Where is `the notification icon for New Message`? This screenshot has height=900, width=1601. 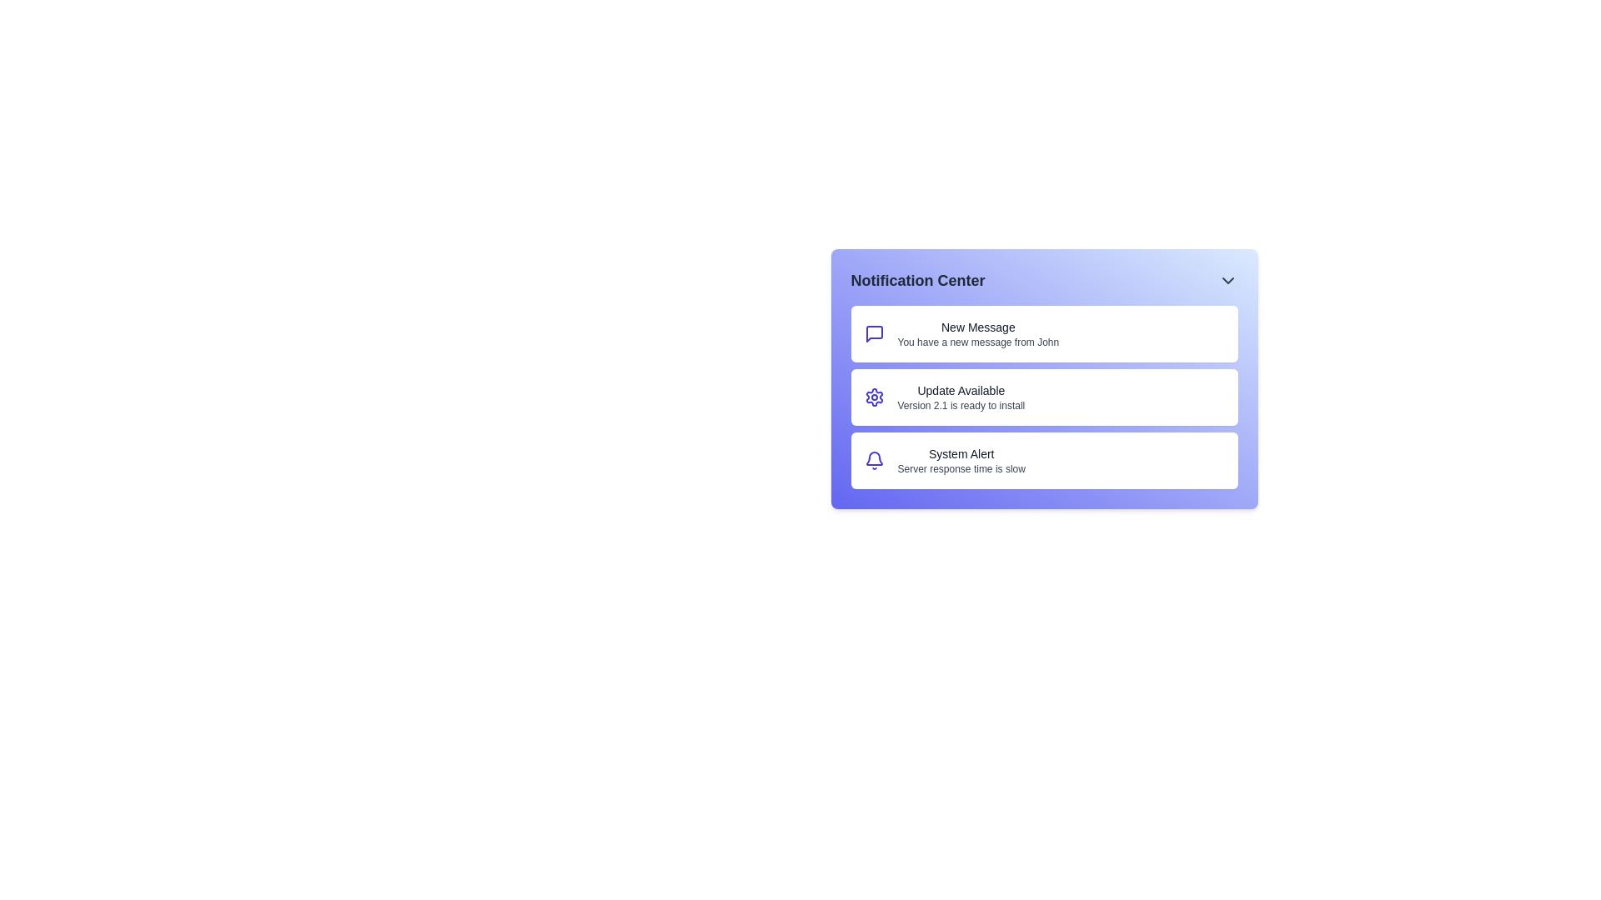 the notification icon for New Message is located at coordinates (873, 334).